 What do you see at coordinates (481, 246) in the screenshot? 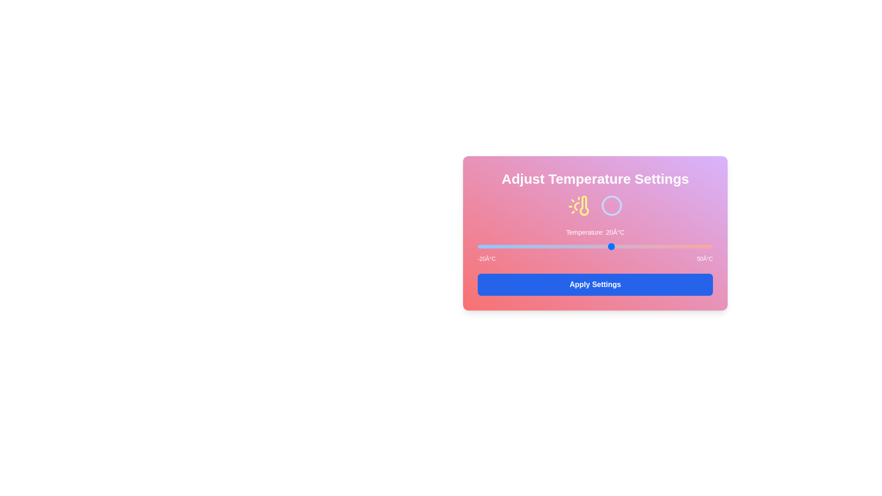
I see `the temperature to -19°C by moving the slider` at bounding box center [481, 246].